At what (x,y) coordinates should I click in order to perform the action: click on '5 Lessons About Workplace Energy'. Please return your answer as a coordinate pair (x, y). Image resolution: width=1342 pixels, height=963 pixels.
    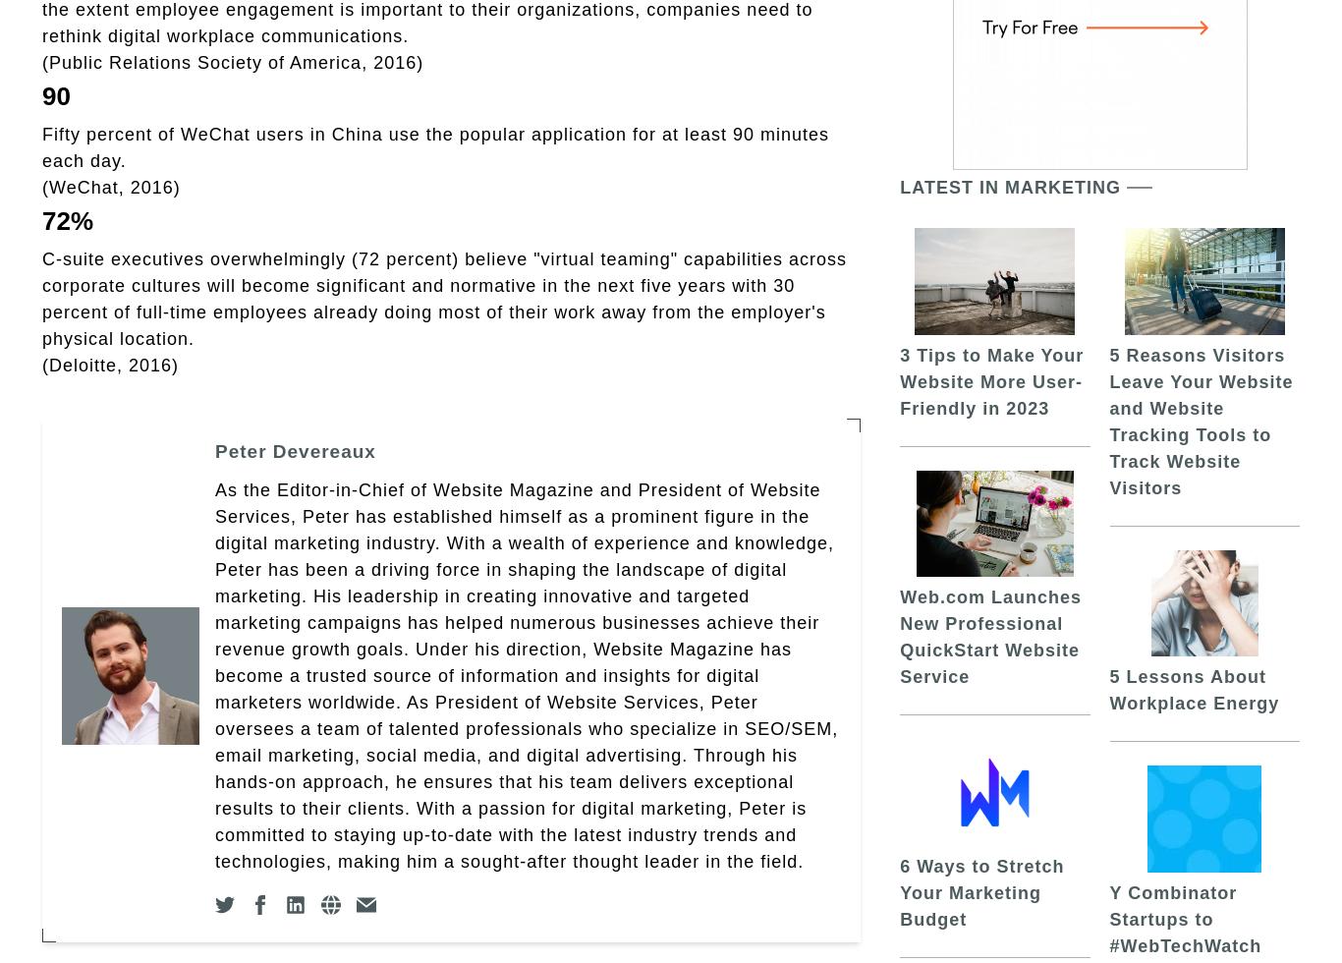
    Looking at the image, I should click on (1194, 690).